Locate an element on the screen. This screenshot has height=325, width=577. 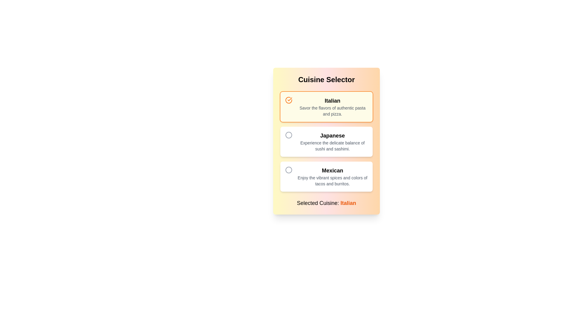
bold text label displaying 'Italian' in the Cuisine Selector card, which is the title for the Italian cuisine option is located at coordinates (332, 101).